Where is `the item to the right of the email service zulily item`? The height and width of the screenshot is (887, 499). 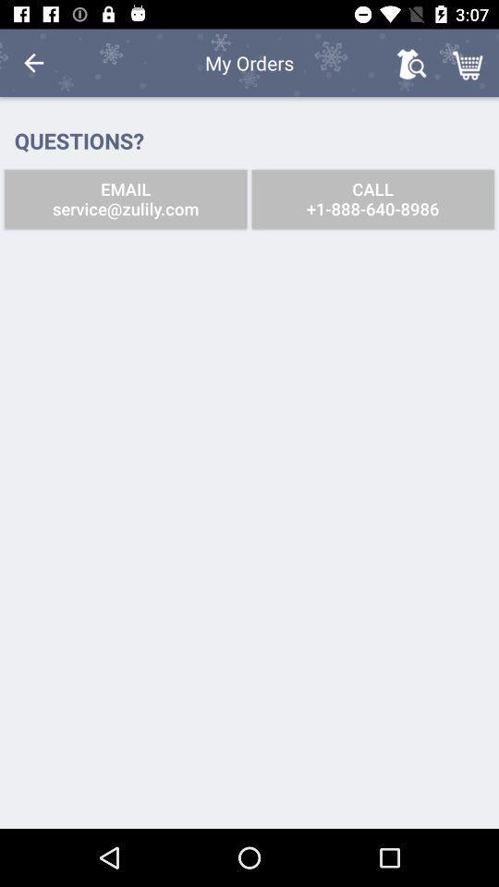
the item to the right of the email service zulily item is located at coordinates (372, 199).